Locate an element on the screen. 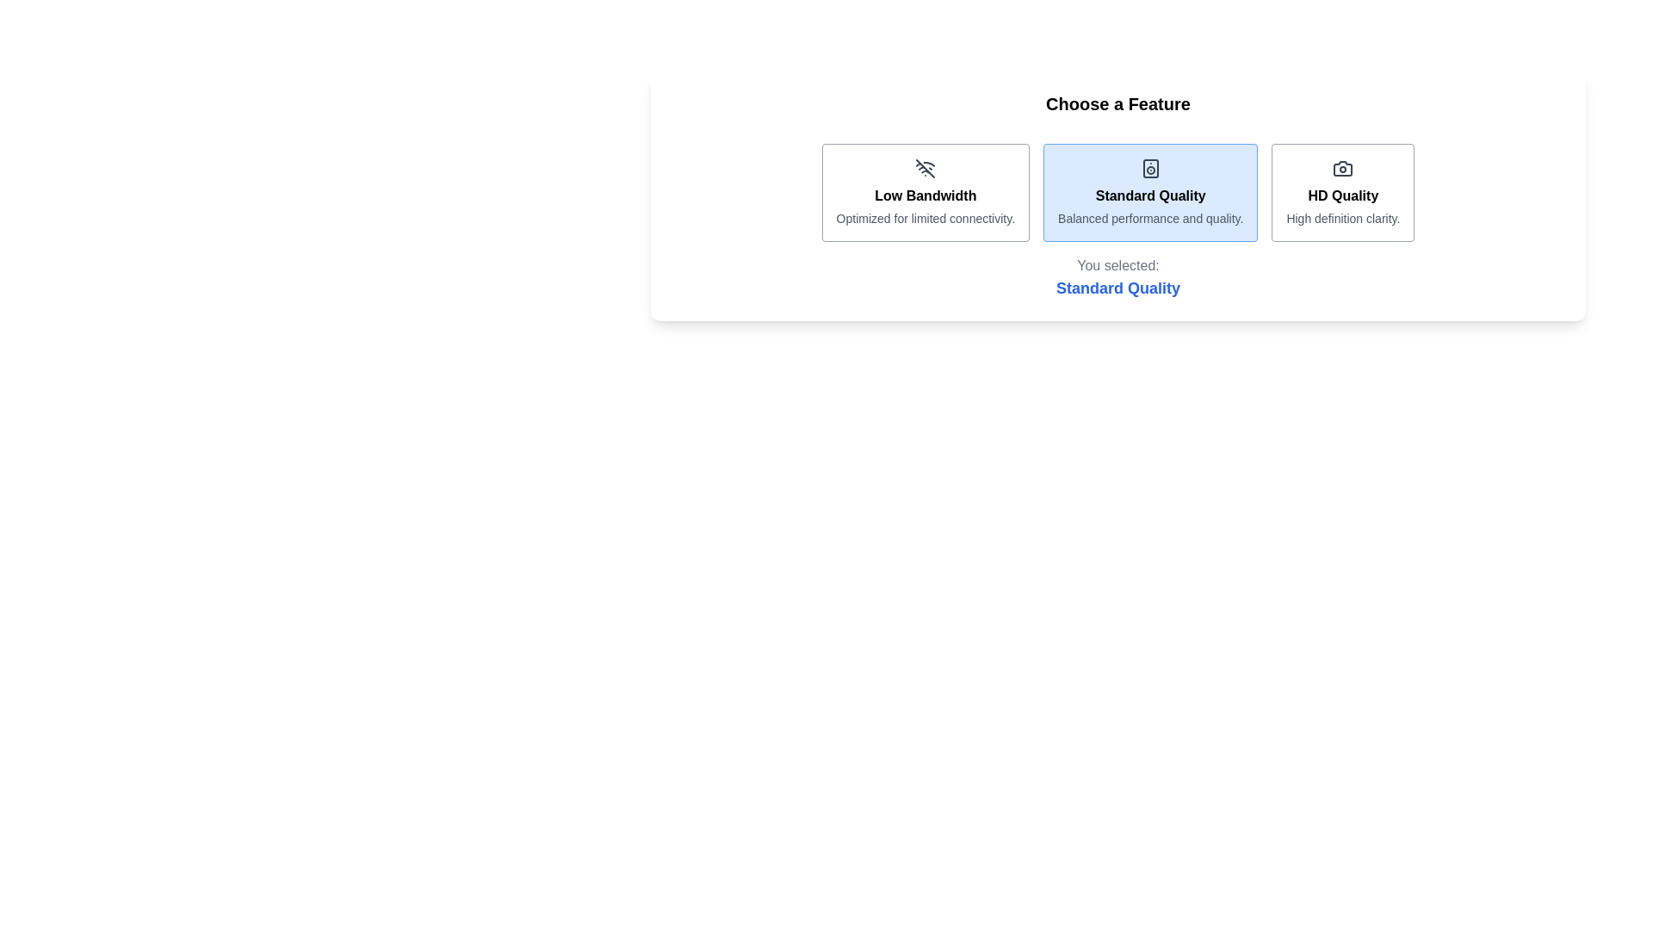 The image size is (1653, 930). the Static Text Area displaying 'Standard Quality' in bold blue and 'You selected:' in gray, located below the feature selection cards is located at coordinates (1118, 277).